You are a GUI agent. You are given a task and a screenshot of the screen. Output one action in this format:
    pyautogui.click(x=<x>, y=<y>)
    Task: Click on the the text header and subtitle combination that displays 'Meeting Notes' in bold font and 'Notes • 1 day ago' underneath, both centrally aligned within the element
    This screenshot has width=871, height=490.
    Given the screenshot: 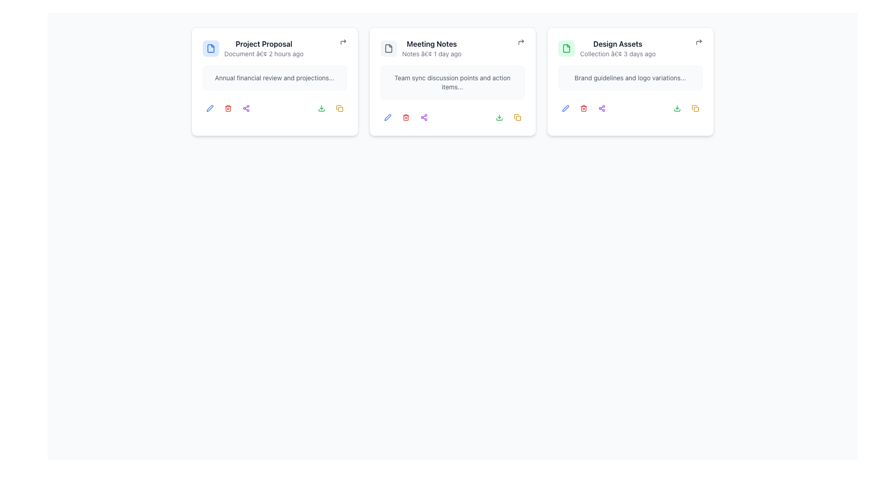 What is the action you would take?
    pyautogui.click(x=431, y=49)
    